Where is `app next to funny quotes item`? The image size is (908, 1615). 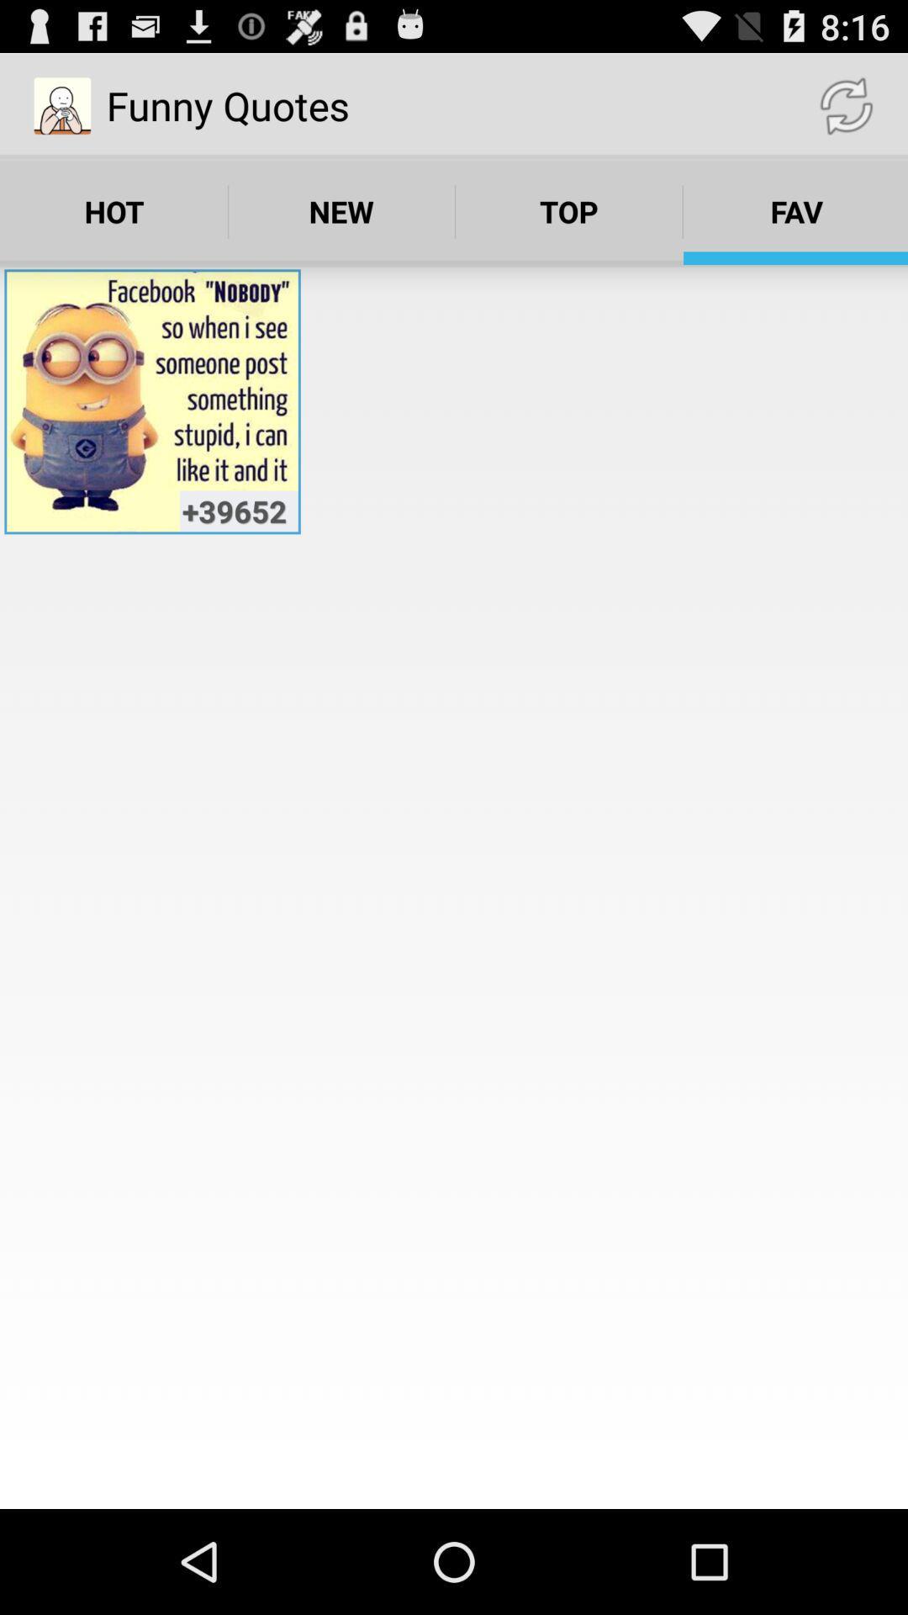
app next to funny quotes item is located at coordinates (846, 104).